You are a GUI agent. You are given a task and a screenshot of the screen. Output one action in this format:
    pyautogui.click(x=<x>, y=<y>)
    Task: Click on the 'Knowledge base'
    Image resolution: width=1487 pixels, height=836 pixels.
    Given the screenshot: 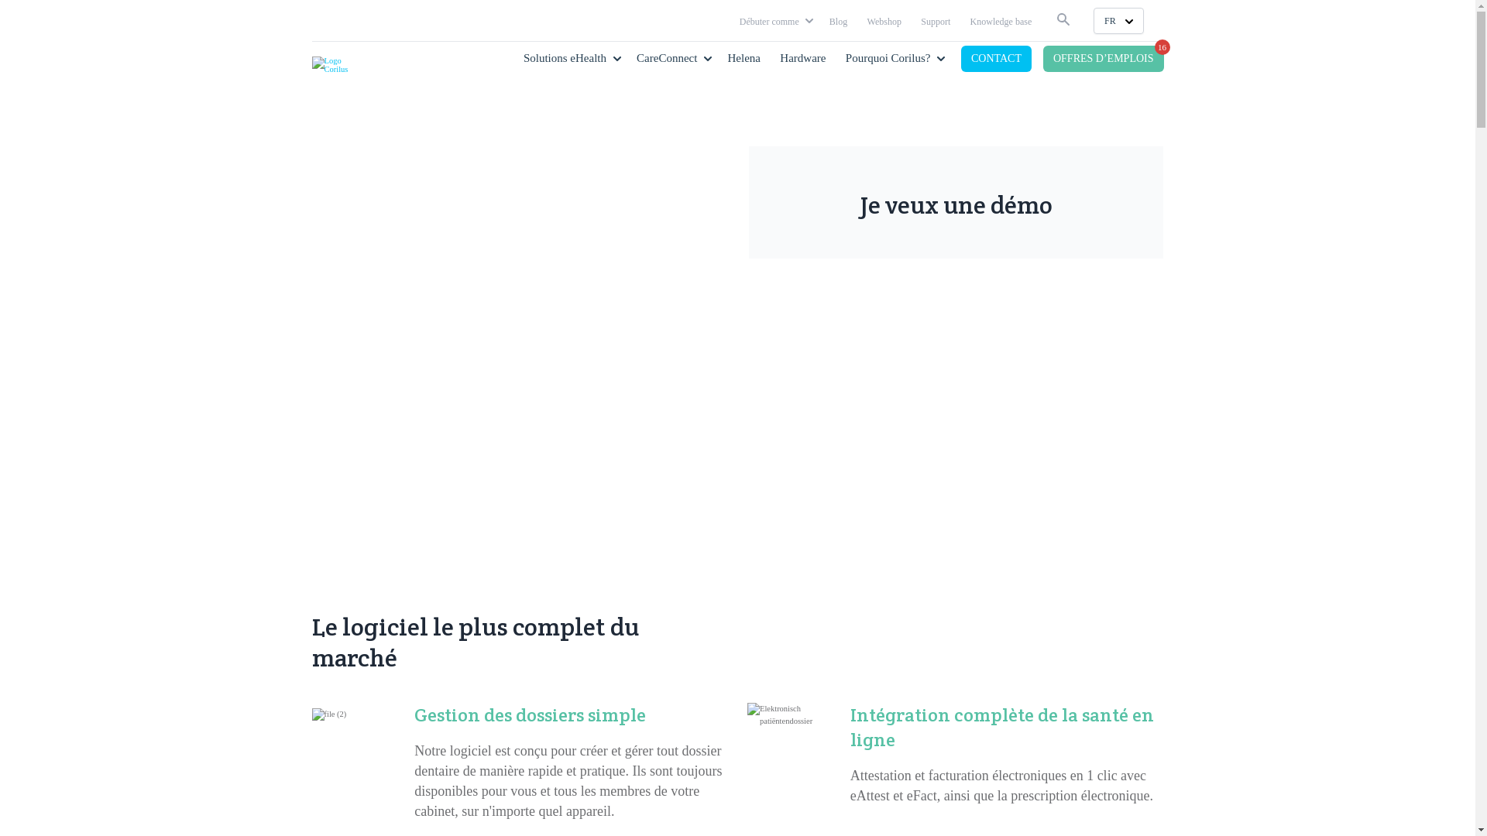 What is the action you would take?
    pyautogui.click(x=1001, y=21)
    